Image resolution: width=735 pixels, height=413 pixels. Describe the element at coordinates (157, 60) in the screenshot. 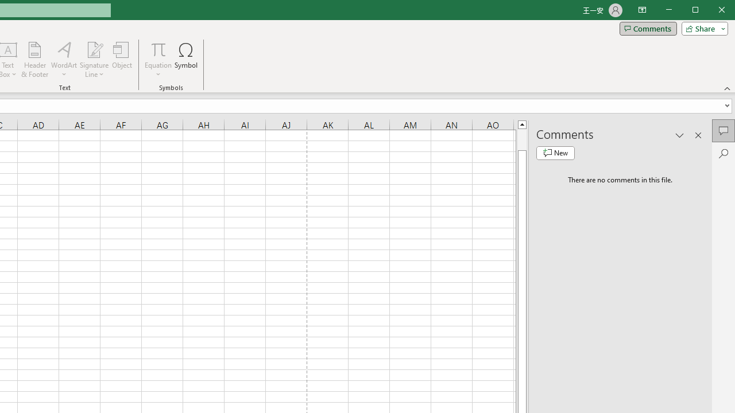

I see `'Equation'` at that location.